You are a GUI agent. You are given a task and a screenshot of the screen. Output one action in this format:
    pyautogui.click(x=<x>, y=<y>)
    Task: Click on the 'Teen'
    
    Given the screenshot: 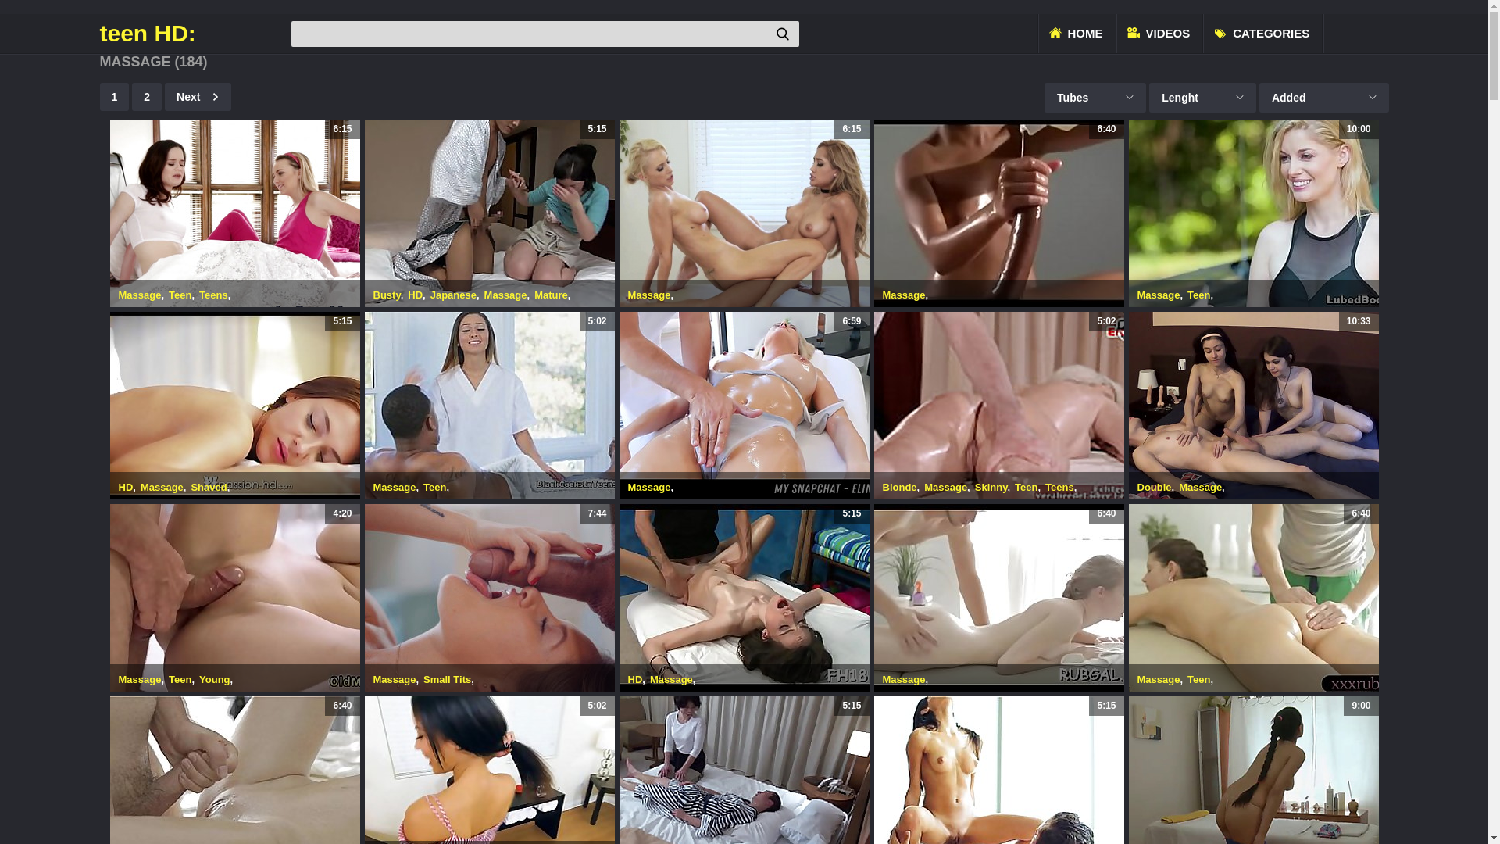 What is the action you would take?
    pyautogui.click(x=180, y=295)
    